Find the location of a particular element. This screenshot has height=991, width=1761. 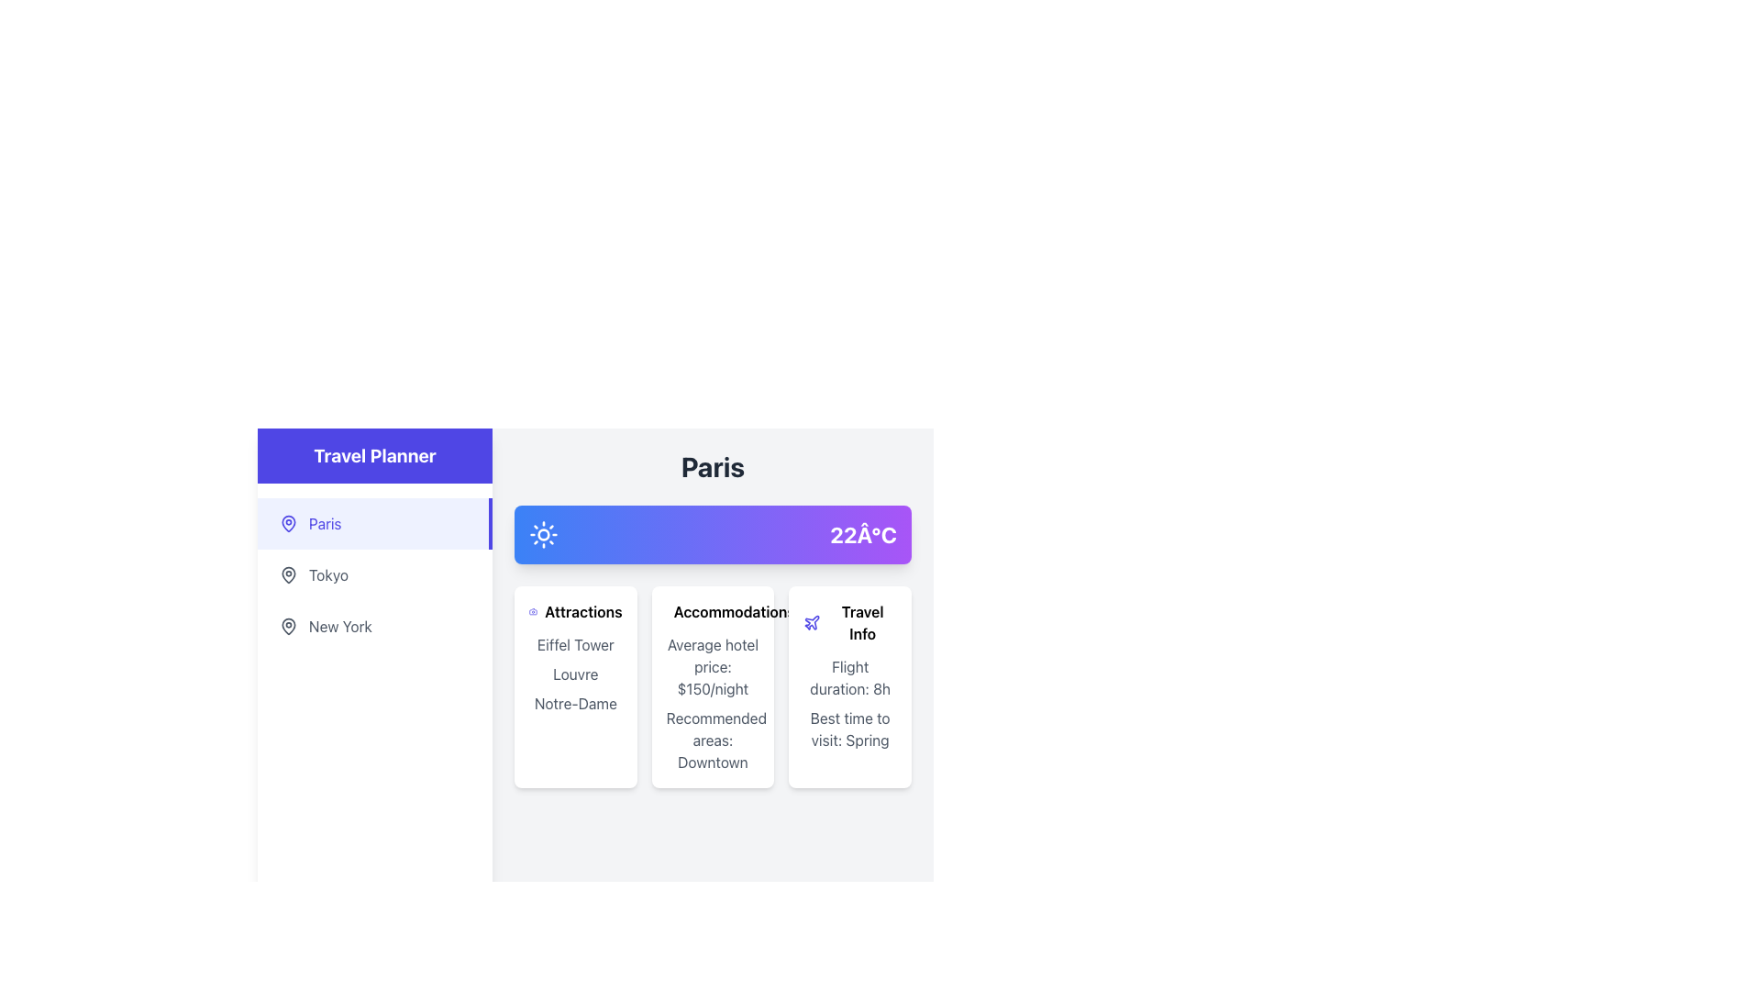

the information panel showcasing notable attractions for Paris, which is located in the right section of the interface, under the heading 'Paris', and is the leftmost of three vertically aligned sections is located at coordinates (595, 643).